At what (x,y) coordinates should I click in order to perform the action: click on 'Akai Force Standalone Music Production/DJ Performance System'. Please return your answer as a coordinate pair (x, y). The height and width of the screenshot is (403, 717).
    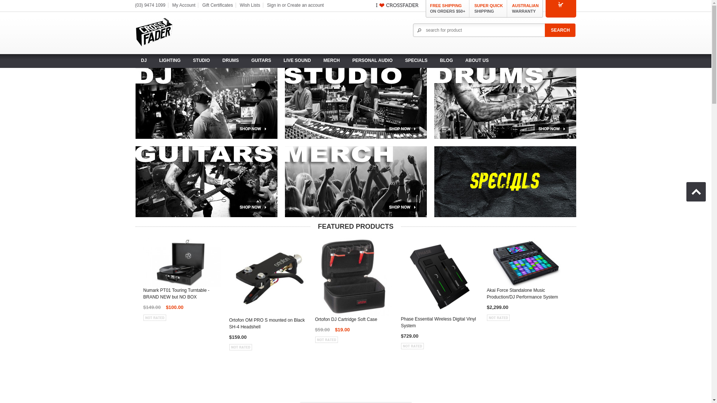
    Looking at the image, I should click on (525, 295).